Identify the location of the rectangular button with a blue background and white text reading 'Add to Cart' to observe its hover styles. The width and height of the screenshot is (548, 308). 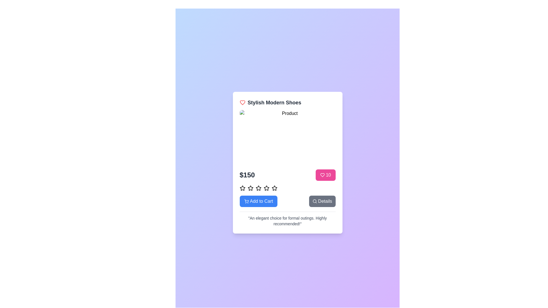
(258, 201).